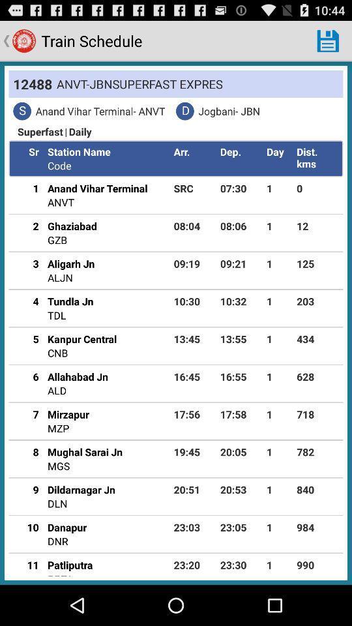 The image size is (352, 626). What do you see at coordinates (28, 226) in the screenshot?
I see `the item below 1 app` at bounding box center [28, 226].